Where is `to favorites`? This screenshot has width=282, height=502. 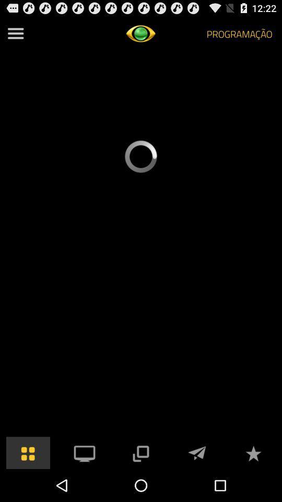 to favorites is located at coordinates (253, 452).